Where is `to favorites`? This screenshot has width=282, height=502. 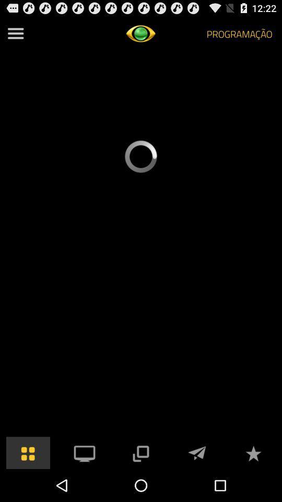 to favorites is located at coordinates (253, 452).